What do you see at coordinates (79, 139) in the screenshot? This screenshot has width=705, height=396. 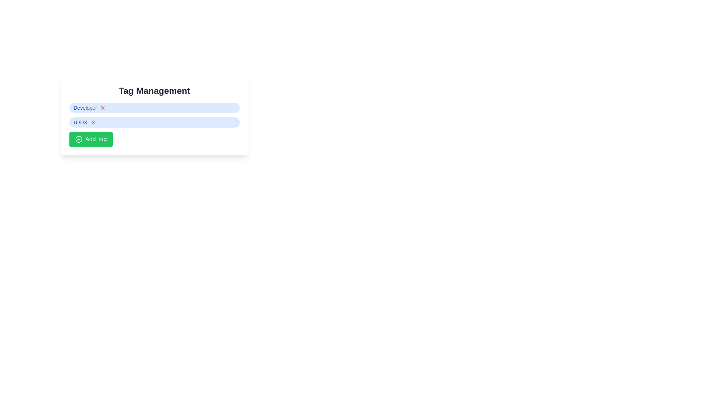 I see `the circular boundary of the '+' icon located at the center of the green 'Add Tag' button` at bounding box center [79, 139].